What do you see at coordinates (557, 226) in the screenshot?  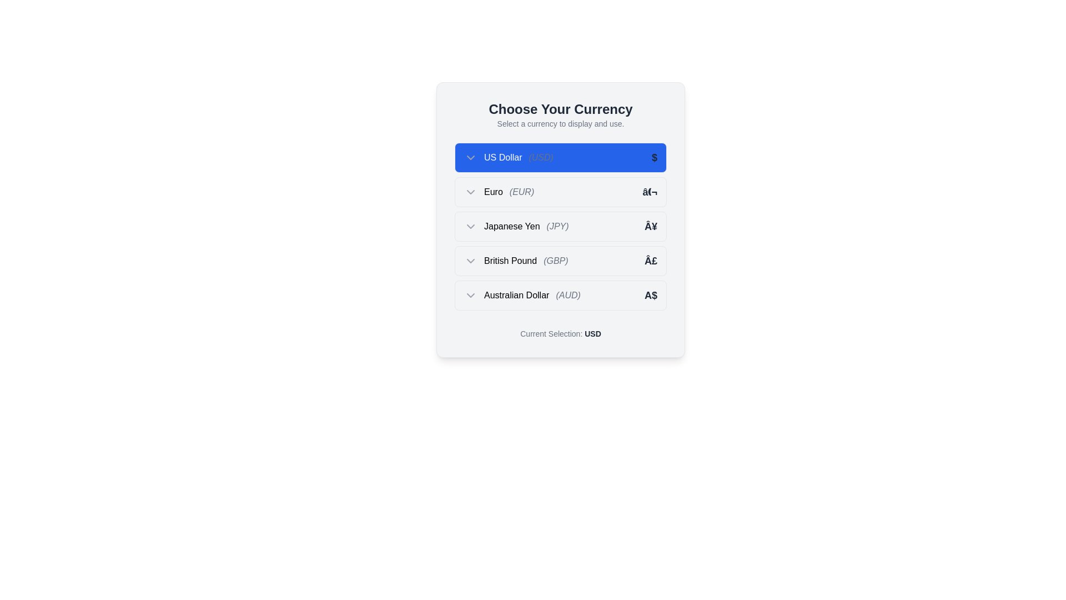 I see `the static text element '(JPY)' that indicates the Japanese Yen currency, which is located to the right of 'Japanese Yen' in the dropdown menu` at bounding box center [557, 226].